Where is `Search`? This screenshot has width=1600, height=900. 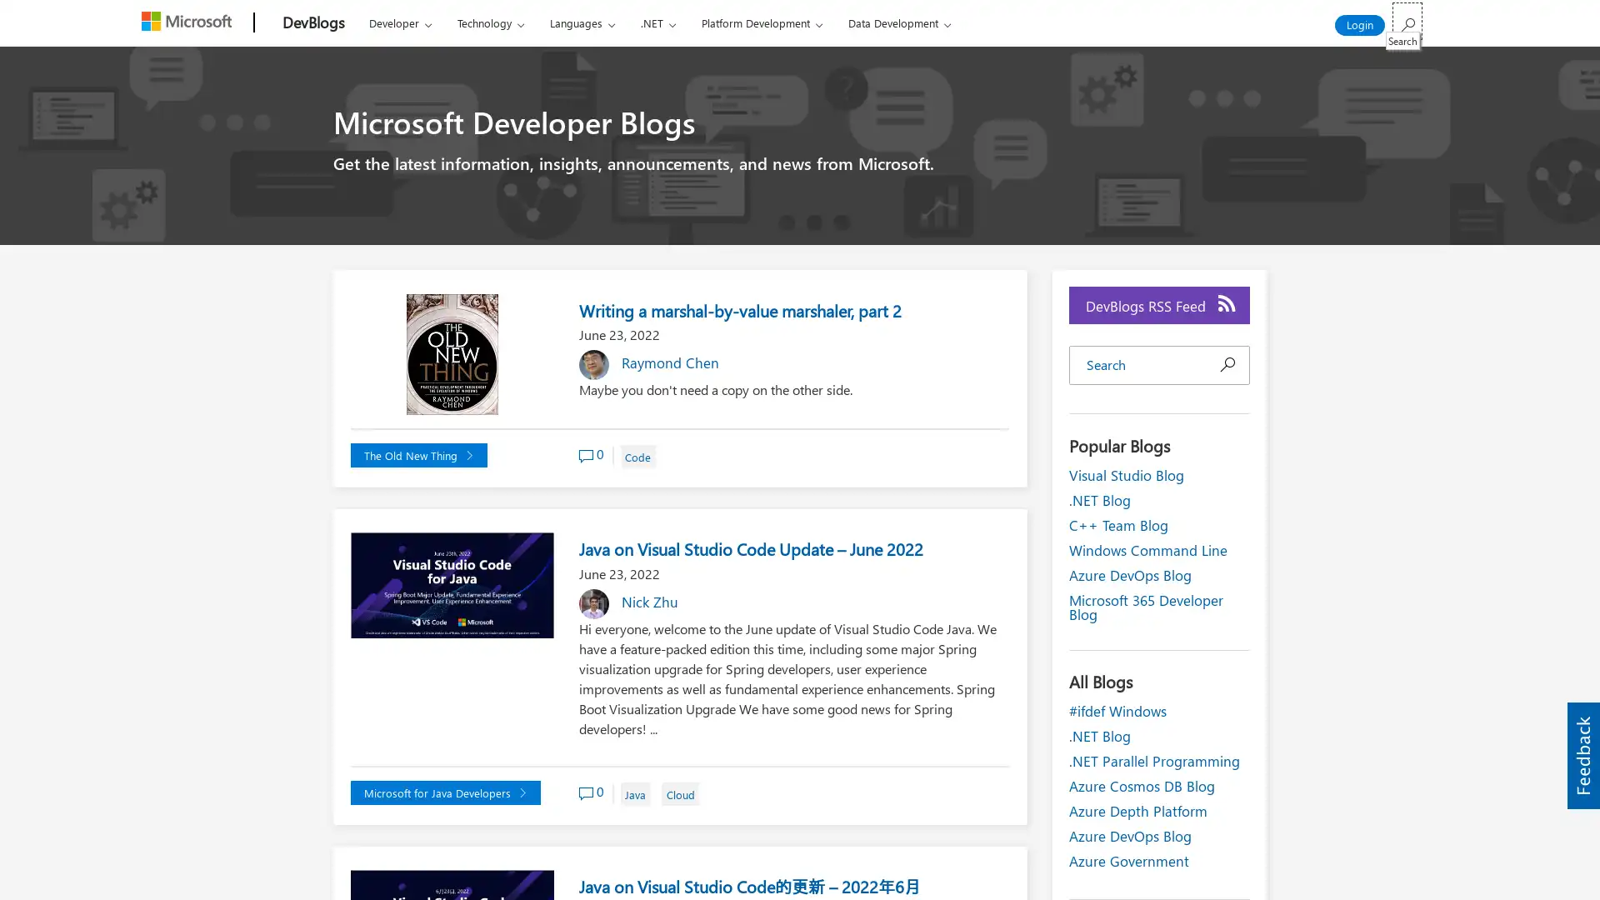 Search is located at coordinates (1407, 21).